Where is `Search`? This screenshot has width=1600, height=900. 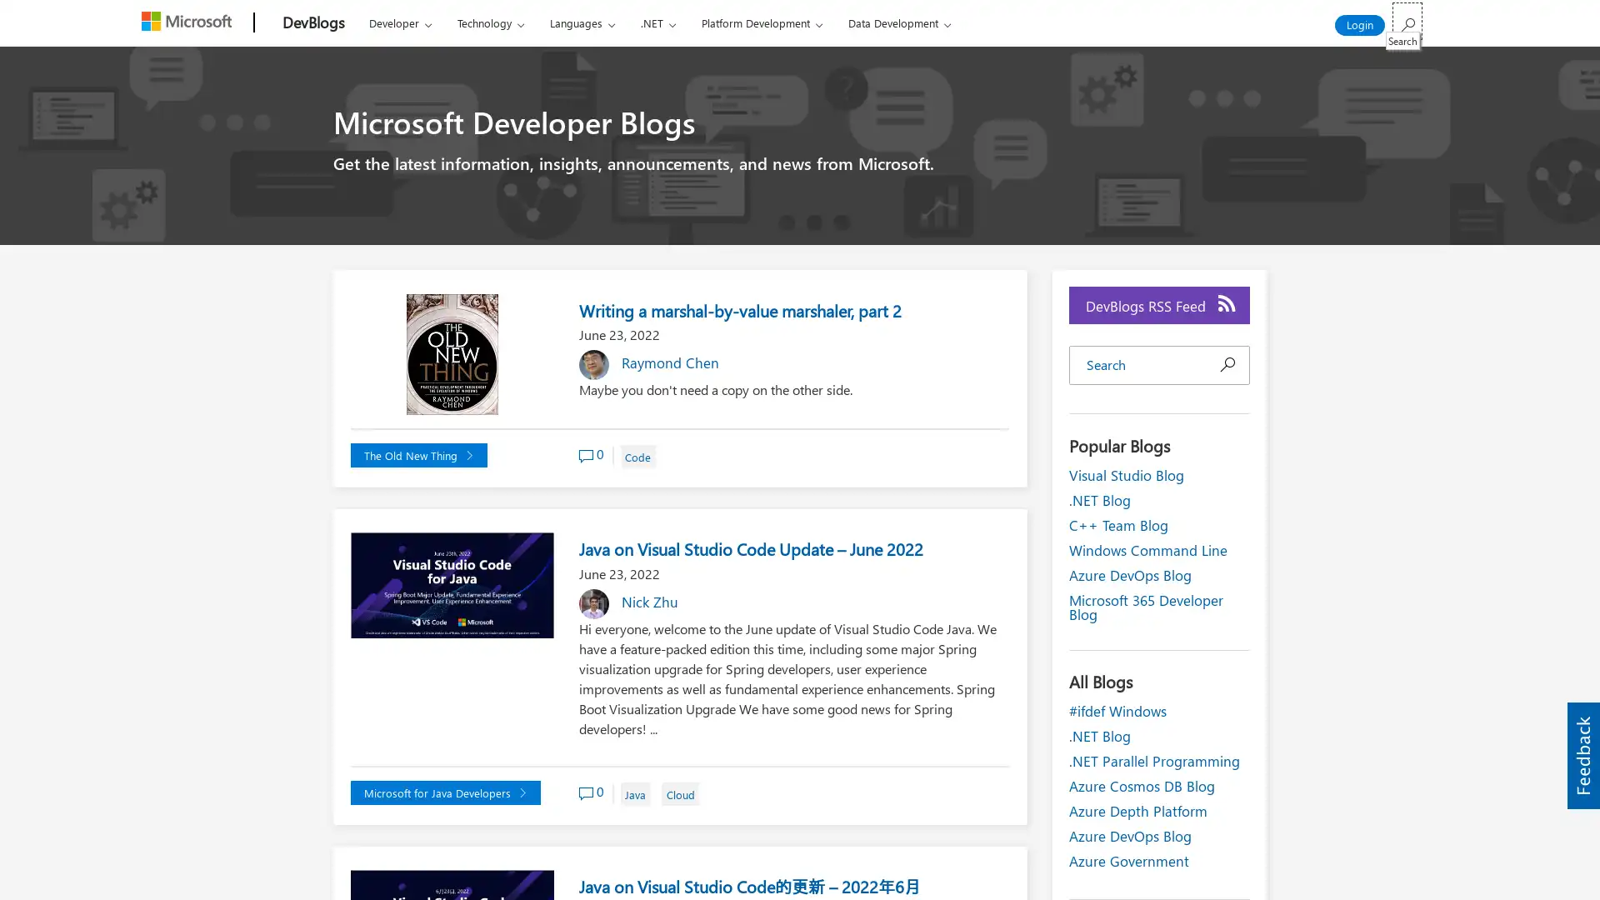 Search is located at coordinates (1407, 21).